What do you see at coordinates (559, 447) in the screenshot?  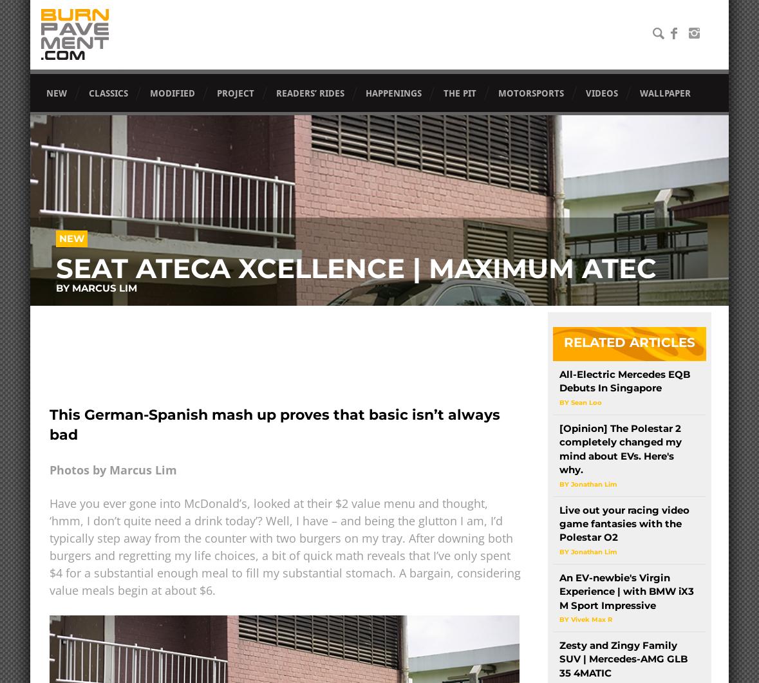 I see `'[Opinion] The Polestar 2 completely changed my mind about EVs. Here's why.'` at bounding box center [559, 447].